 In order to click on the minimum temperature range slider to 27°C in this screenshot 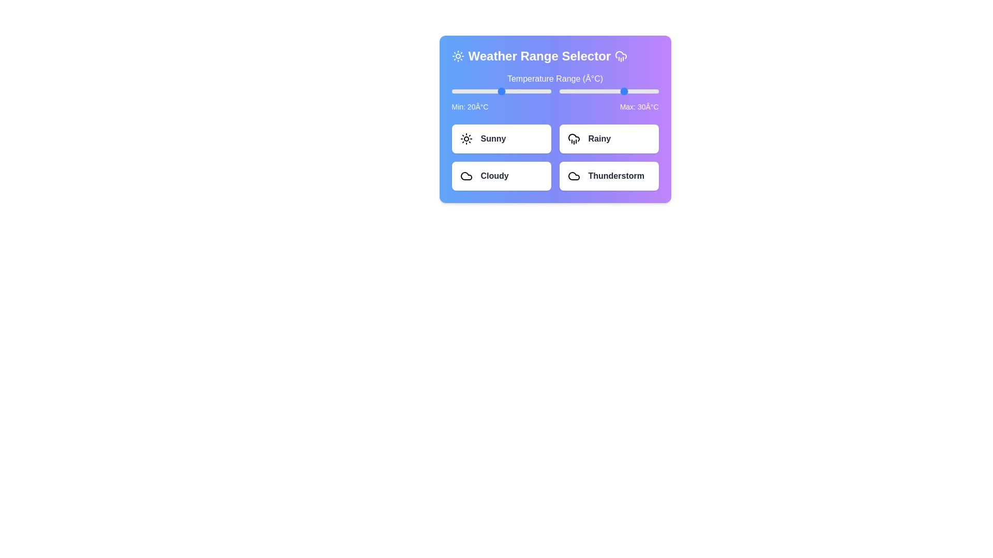, I will do `click(513, 91)`.